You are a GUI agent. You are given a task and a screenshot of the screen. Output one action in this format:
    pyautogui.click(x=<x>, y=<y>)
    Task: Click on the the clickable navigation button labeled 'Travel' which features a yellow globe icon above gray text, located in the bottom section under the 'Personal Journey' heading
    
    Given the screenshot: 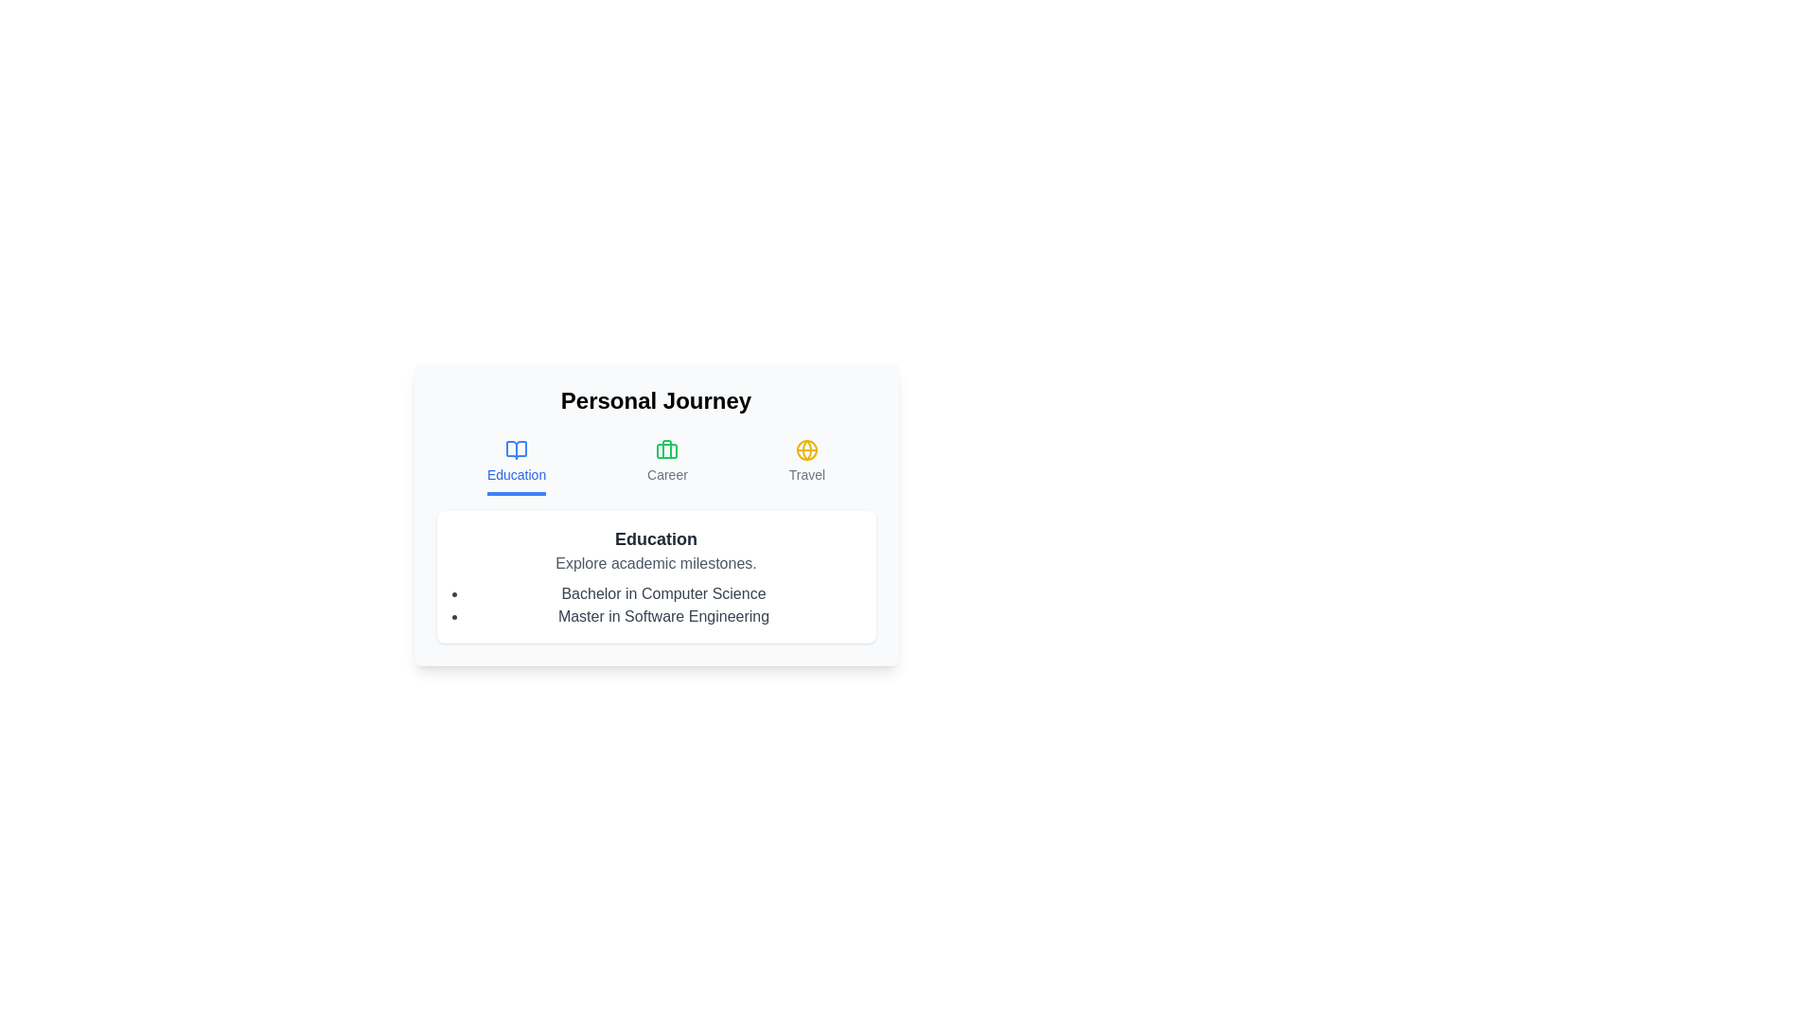 What is the action you would take?
    pyautogui.click(x=806, y=467)
    